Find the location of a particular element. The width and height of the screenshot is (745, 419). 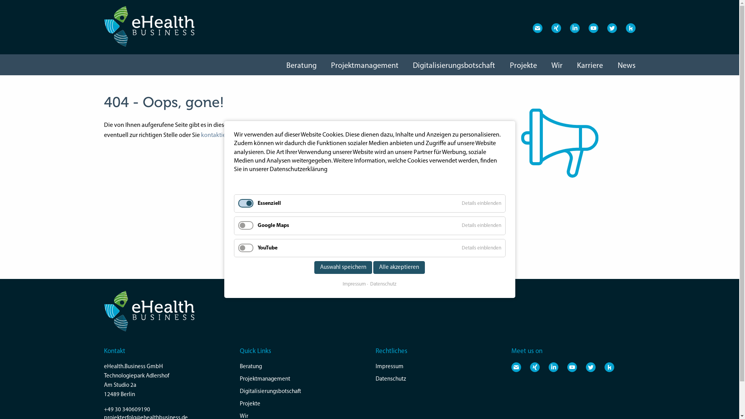

'News' is located at coordinates (626, 65).